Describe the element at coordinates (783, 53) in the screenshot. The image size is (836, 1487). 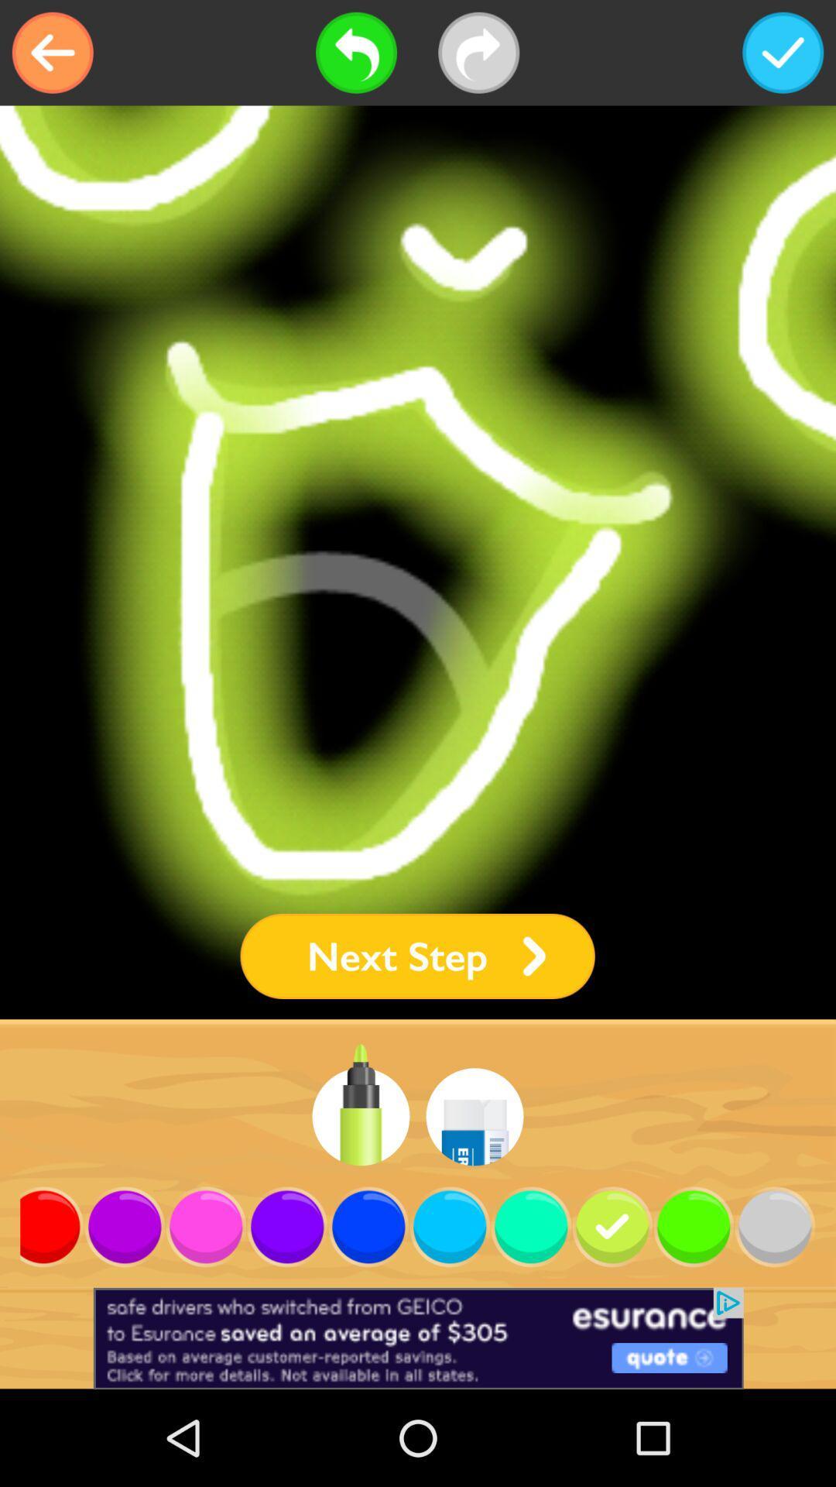
I see `finish` at that location.